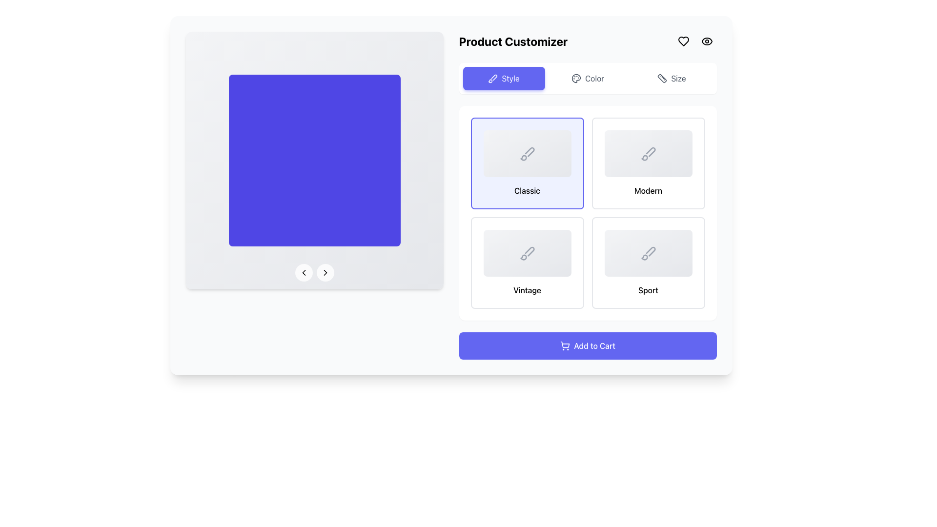 The height and width of the screenshot is (527, 937). I want to click on the left-pointing chevron arrow icon, which is part of the navigation interface, so click(303, 273).